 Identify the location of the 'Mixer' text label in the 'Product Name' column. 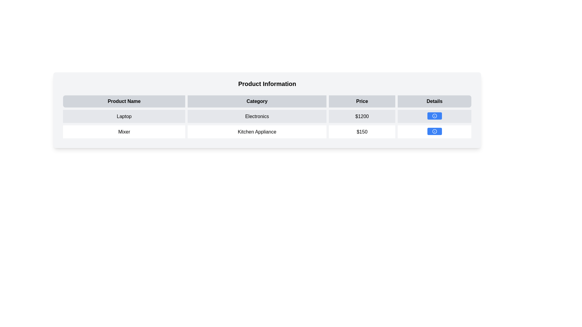
(124, 131).